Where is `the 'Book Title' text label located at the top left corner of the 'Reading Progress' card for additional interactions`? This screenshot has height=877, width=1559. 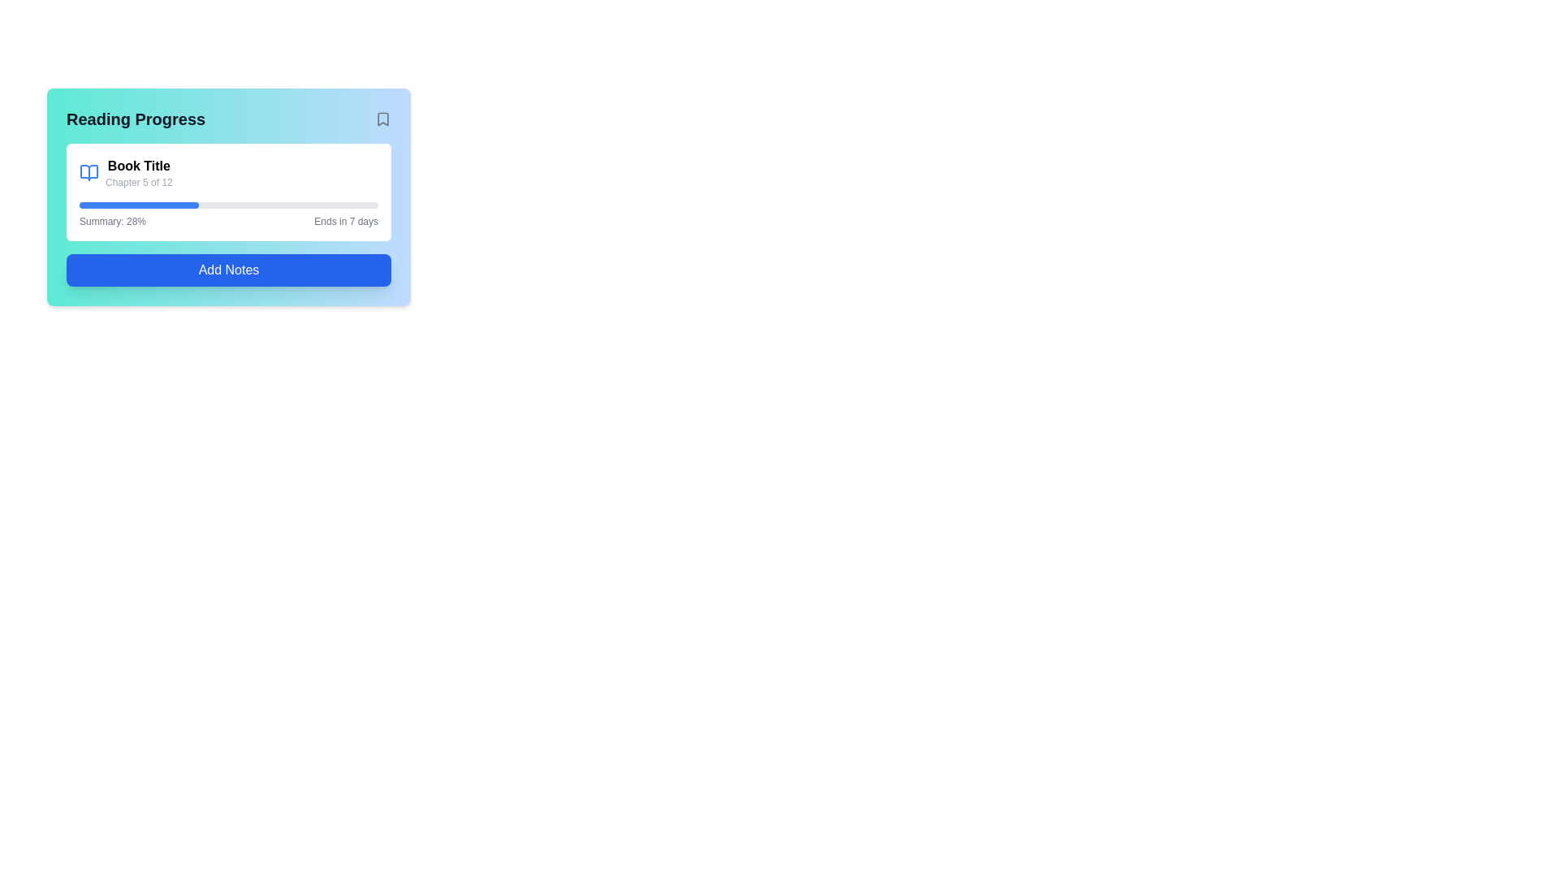
the 'Book Title' text label located at the top left corner of the 'Reading Progress' card for additional interactions is located at coordinates (139, 166).